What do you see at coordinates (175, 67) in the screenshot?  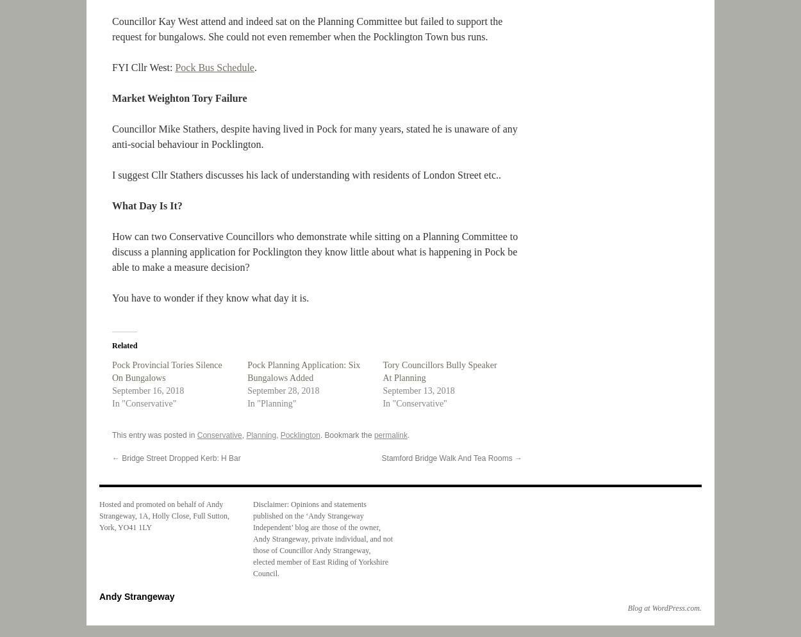 I see `'Pock Bus Schedule'` at bounding box center [175, 67].